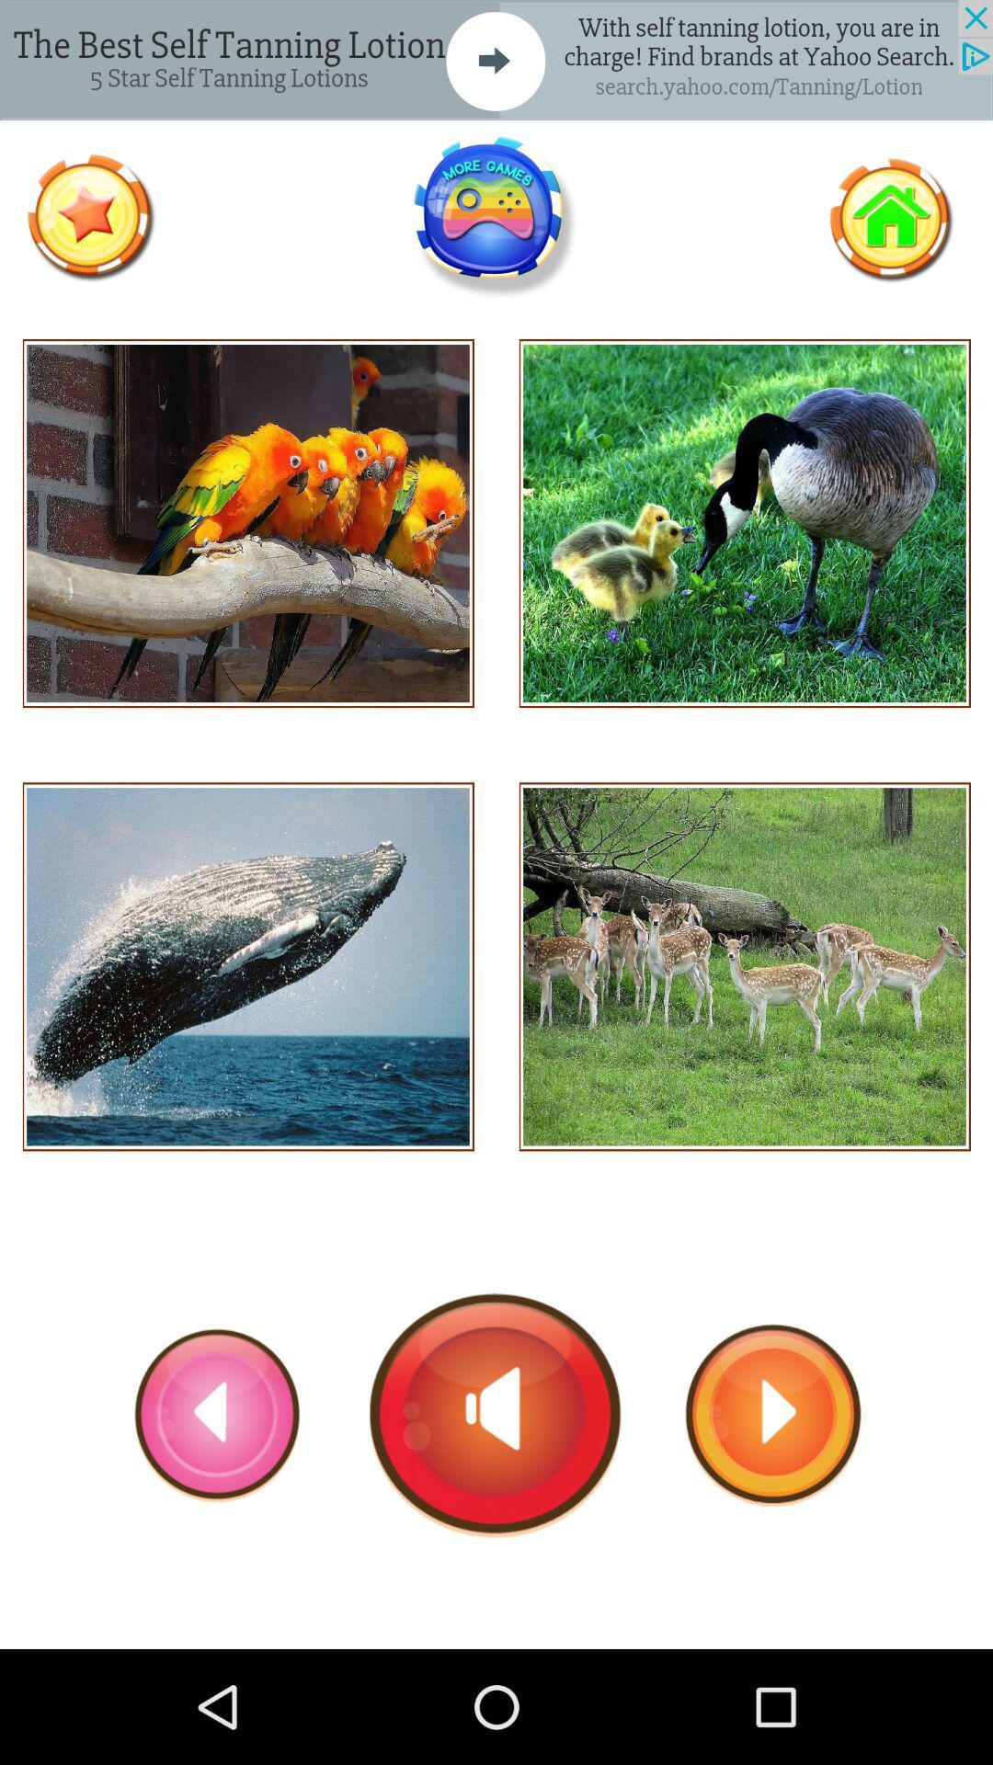 This screenshot has height=1765, width=993. What do you see at coordinates (745, 965) in the screenshot?
I see `choose photo` at bounding box center [745, 965].